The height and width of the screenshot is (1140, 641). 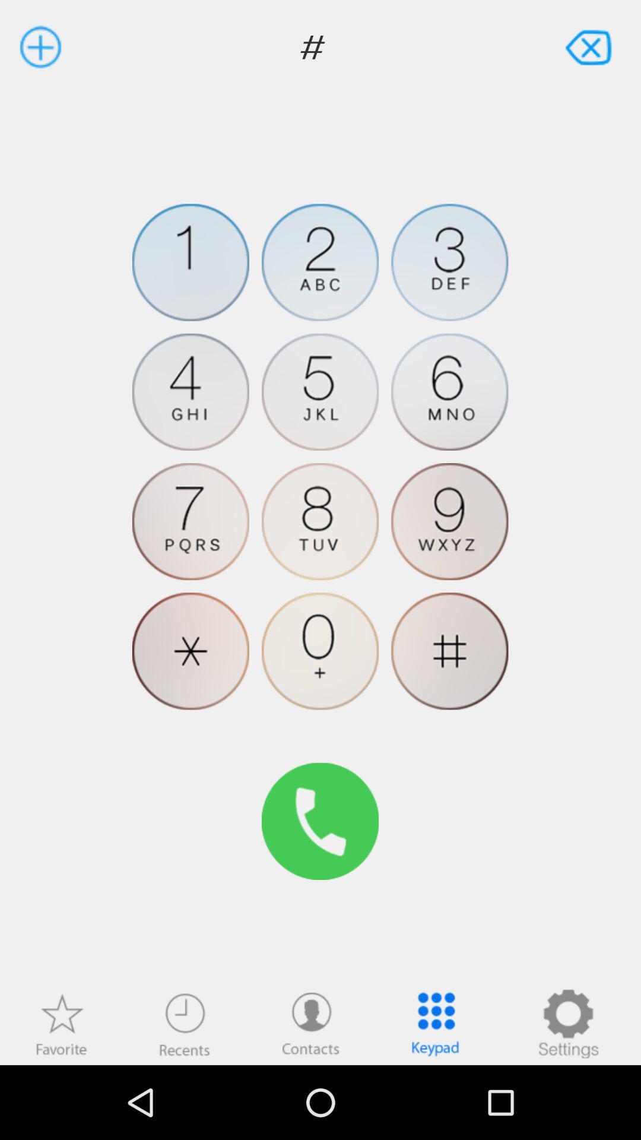 I want to click on open keypad, so click(x=435, y=1023).